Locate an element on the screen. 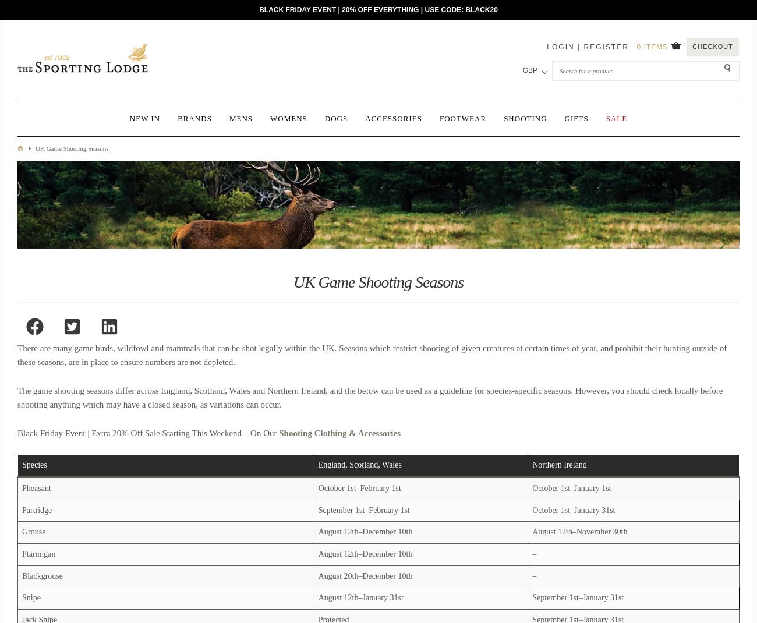  'Womens' is located at coordinates (288, 118).